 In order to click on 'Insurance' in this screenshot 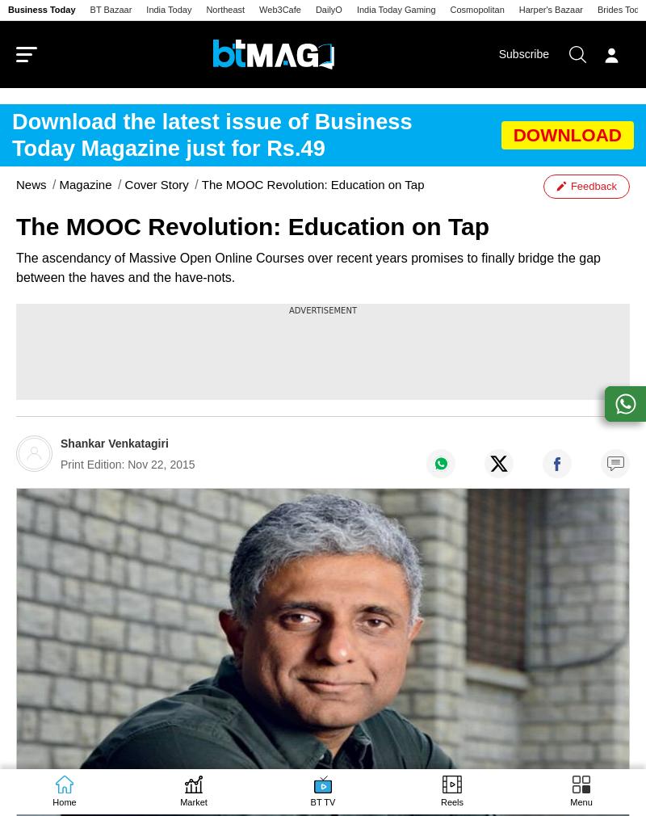, I will do `click(351, 681)`.